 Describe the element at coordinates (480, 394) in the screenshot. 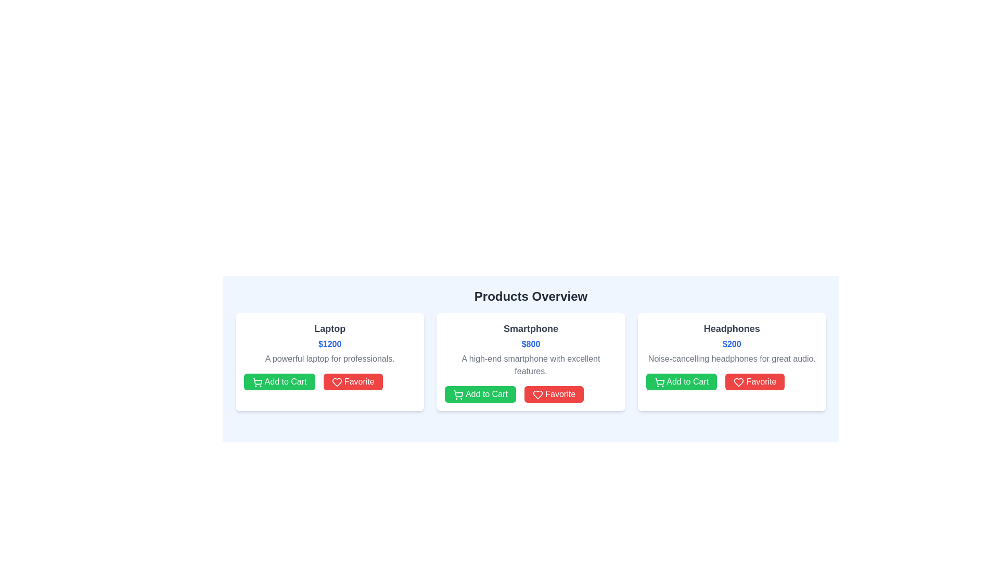

I see `the green 'Add to Cart' button with a shopping cart icon located under the 'Smartphone' product card in the 'Products Overview' section` at that location.